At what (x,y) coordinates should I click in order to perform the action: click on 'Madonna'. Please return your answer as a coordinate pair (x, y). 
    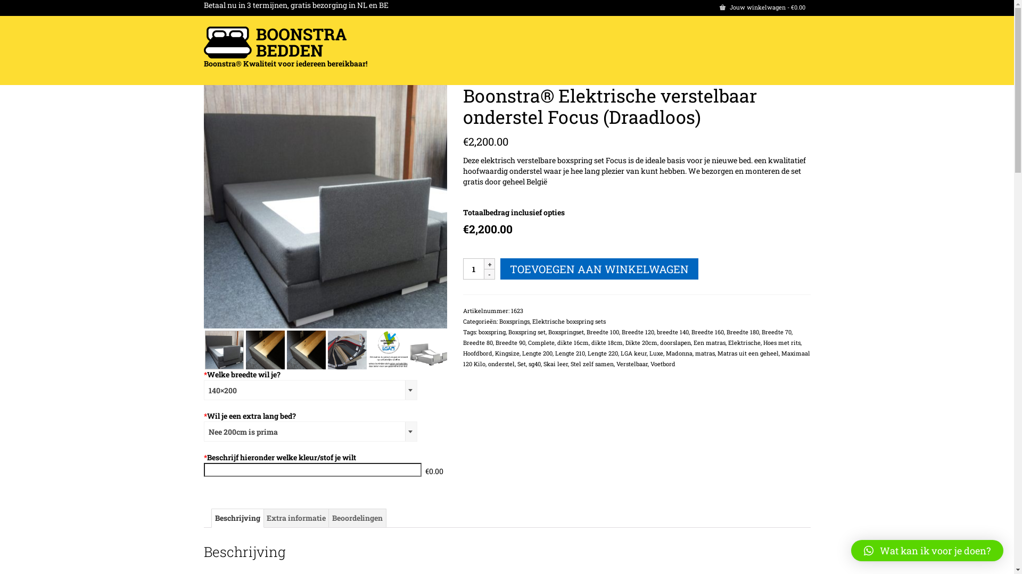
    Looking at the image, I should click on (665, 353).